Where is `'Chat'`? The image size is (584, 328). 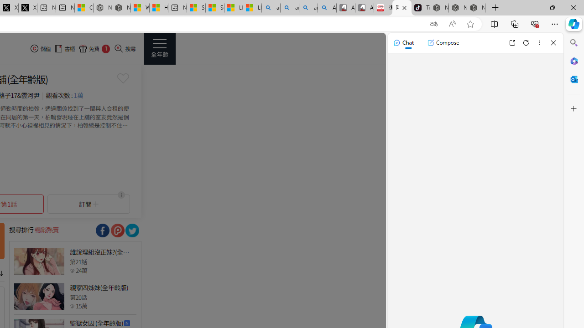 'Chat' is located at coordinates (403, 42).